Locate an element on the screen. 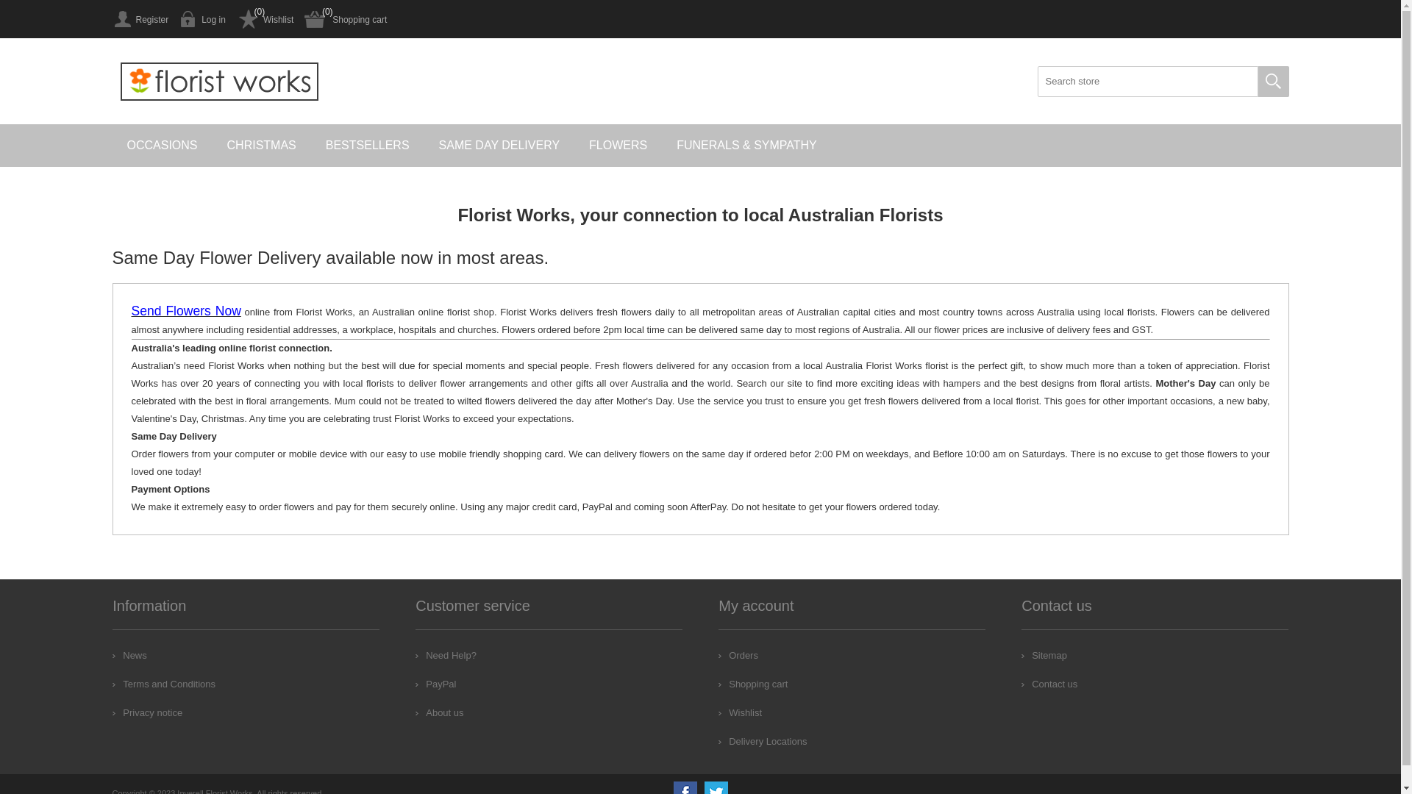 The height and width of the screenshot is (794, 1412). 'OCCASIONS' is located at coordinates (162, 145).